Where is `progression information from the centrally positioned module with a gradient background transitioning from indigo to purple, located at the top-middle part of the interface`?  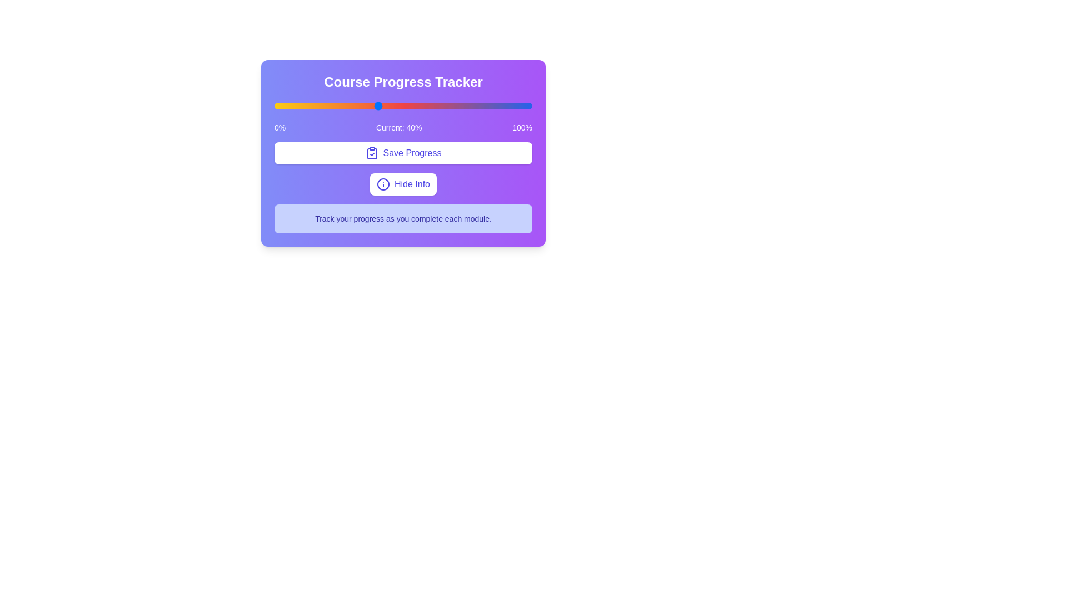
progression information from the centrally positioned module with a gradient background transitioning from indigo to purple, located at the top-middle part of the interface is located at coordinates (402, 153).